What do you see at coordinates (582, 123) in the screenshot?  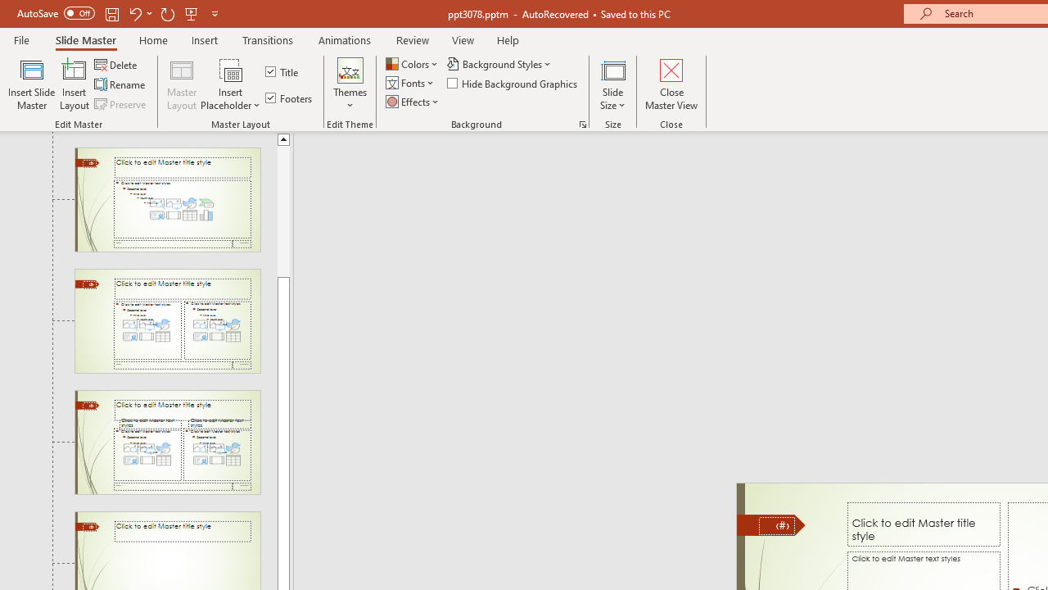 I see `'Format Background...'` at bounding box center [582, 123].